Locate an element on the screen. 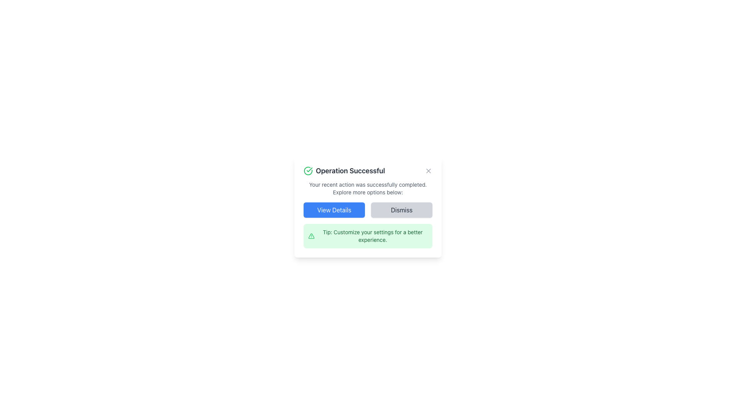 This screenshot has height=414, width=736. the success confirmation icon located at the top-left side of the confirmation card, above the label 'Operation Successful' is located at coordinates (308, 171).